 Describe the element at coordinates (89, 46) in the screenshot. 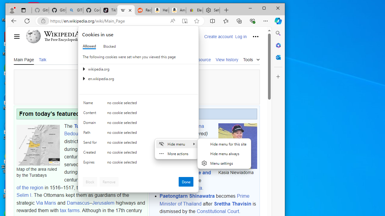

I see `'Allowed'` at that location.